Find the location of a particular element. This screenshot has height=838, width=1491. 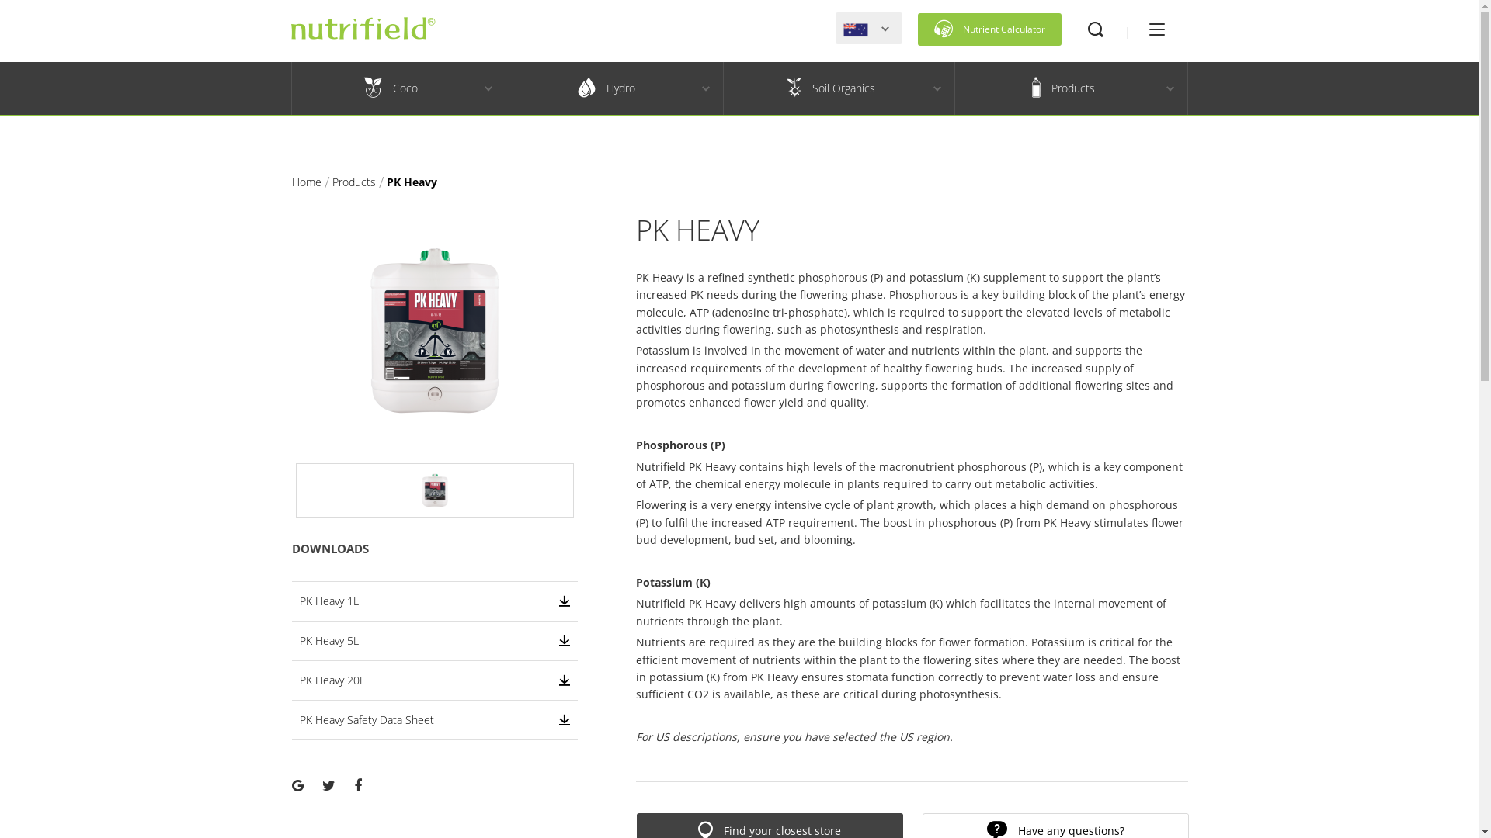

'Coco' is located at coordinates (391, 88).